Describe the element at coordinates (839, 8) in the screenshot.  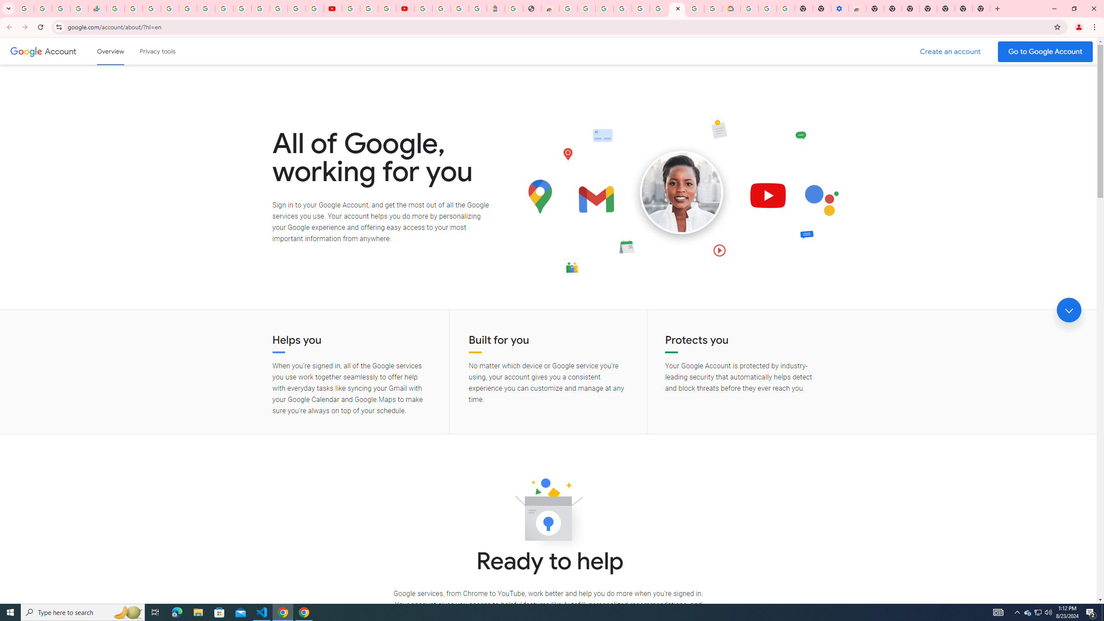
I see `'Settings - Accessibility'` at that location.